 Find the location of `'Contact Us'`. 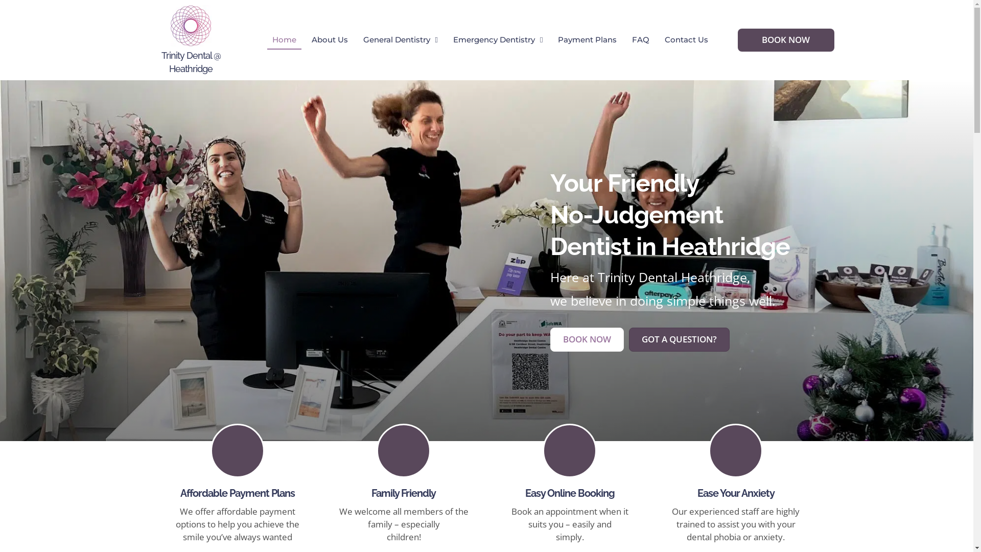

'Contact Us' is located at coordinates (686, 39).